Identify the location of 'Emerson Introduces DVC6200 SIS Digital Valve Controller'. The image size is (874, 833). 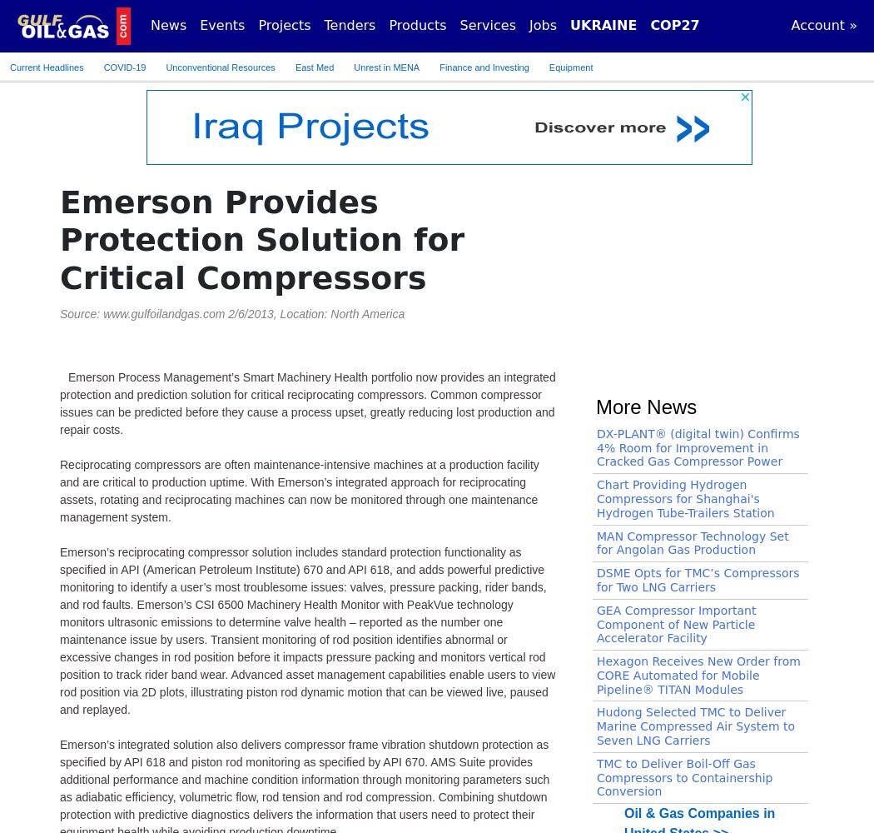
(682, 262).